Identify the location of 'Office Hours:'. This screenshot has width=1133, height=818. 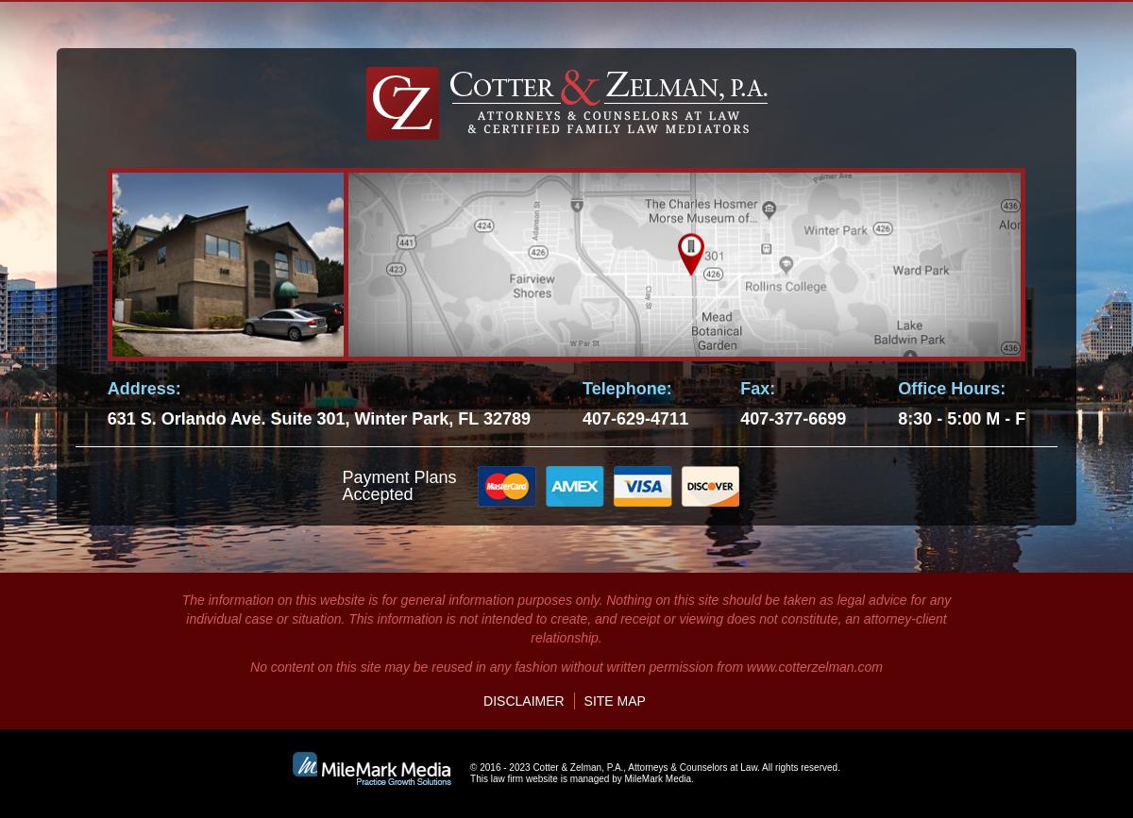
(952, 387).